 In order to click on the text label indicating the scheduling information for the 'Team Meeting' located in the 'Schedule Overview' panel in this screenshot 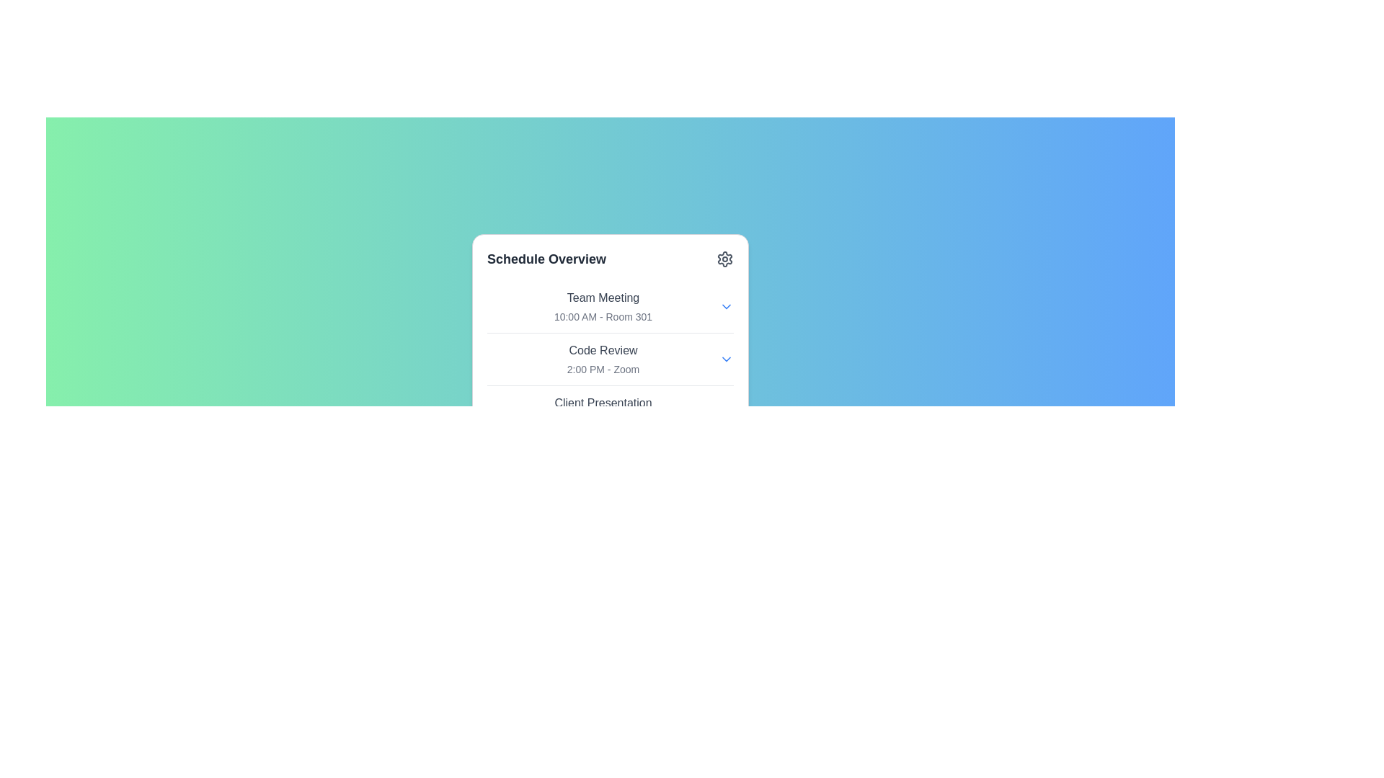, I will do `click(603, 316)`.